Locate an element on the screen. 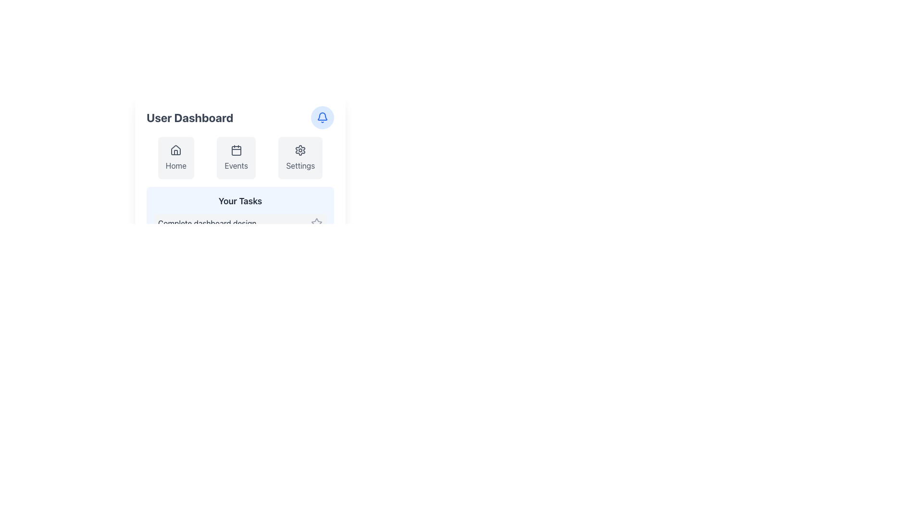  the 'Events' section of the navigation bar located centrally below the 'User Dashboard' heading is located at coordinates (240, 157).